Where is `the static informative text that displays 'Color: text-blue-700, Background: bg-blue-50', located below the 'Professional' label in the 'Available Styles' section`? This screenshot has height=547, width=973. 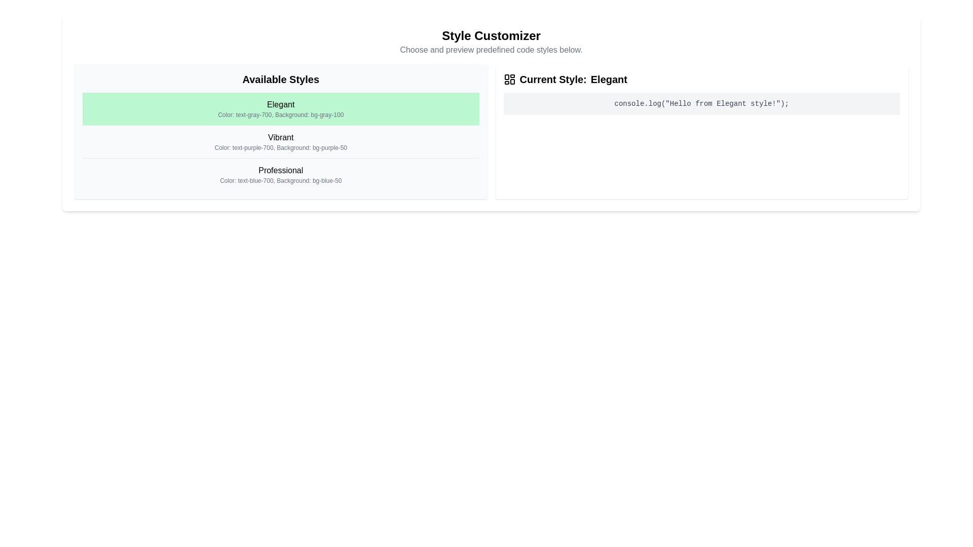 the static informative text that displays 'Color: text-blue-700, Background: bg-blue-50', located below the 'Professional' label in the 'Available Styles' section is located at coordinates (281, 180).